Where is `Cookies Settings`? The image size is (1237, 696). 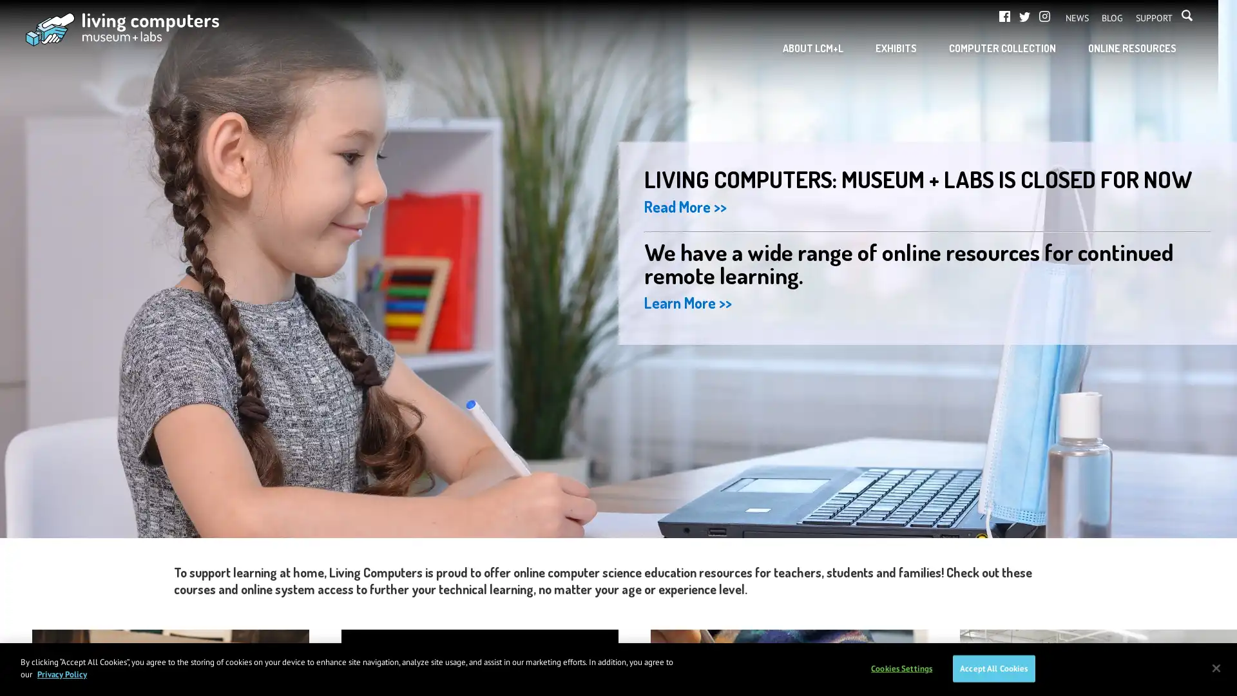
Cookies Settings is located at coordinates (901, 668).